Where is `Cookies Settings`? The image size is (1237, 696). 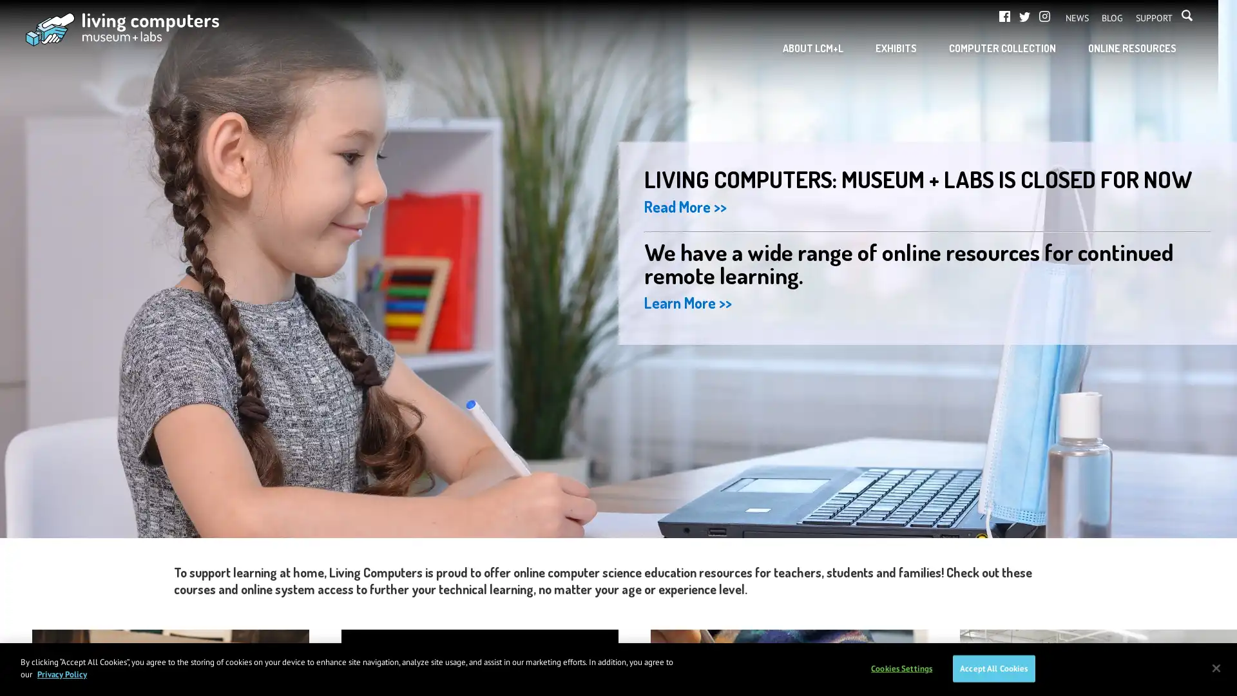
Cookies Settings is located at coordinates (901, 668).